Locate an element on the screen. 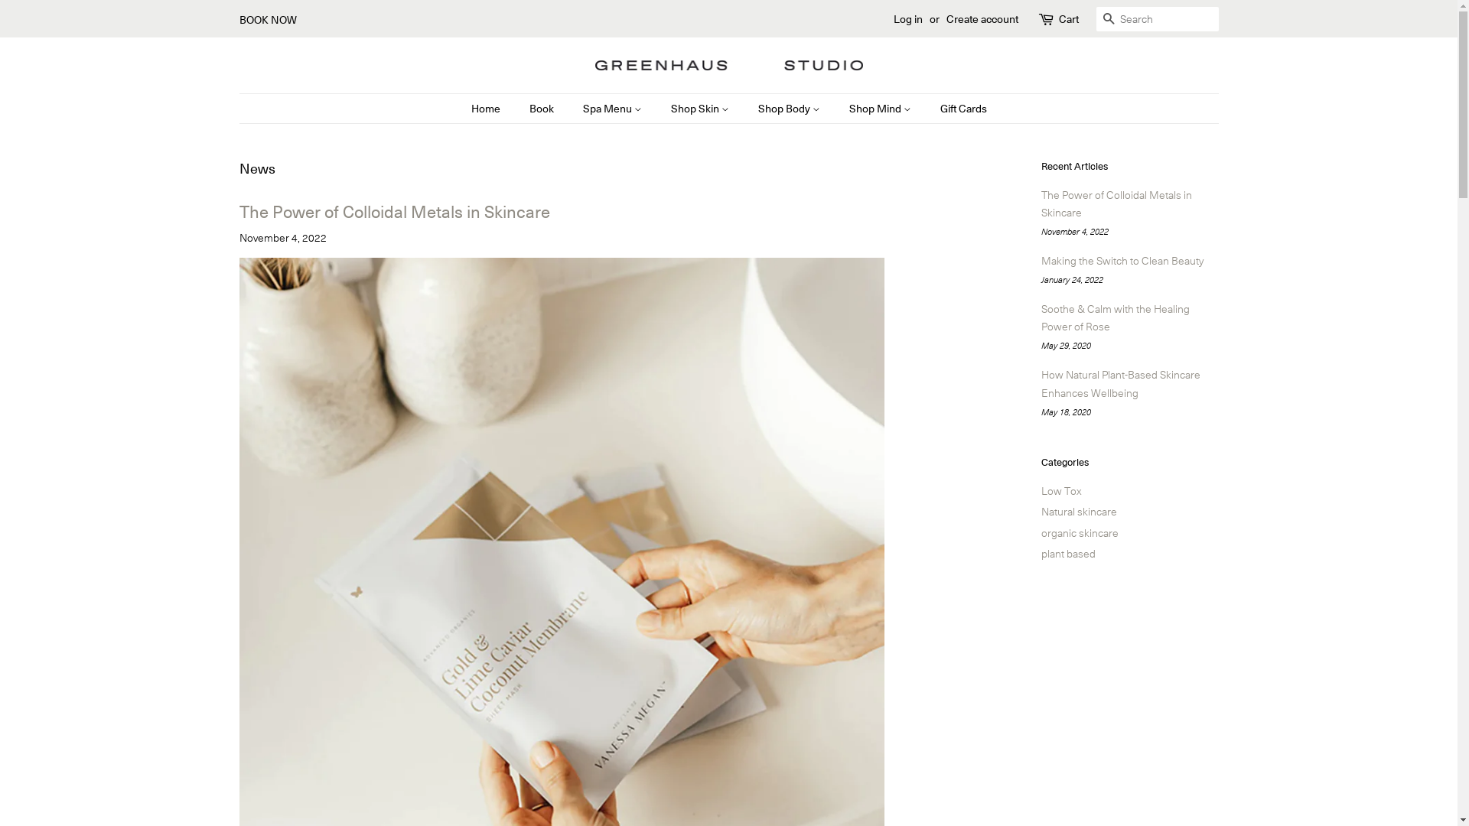  'Gift Cards' is located at coordinates (957, 108).